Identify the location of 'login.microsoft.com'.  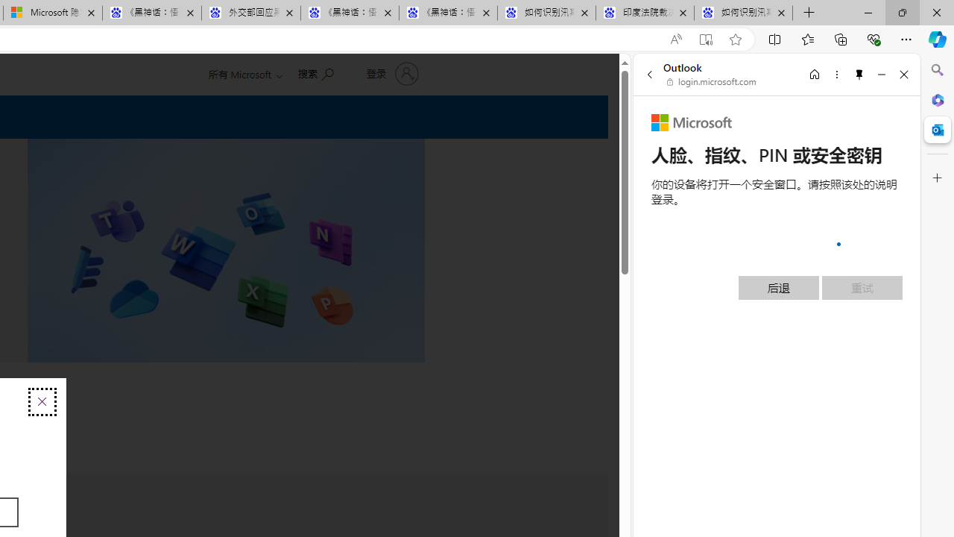
(711, 82).